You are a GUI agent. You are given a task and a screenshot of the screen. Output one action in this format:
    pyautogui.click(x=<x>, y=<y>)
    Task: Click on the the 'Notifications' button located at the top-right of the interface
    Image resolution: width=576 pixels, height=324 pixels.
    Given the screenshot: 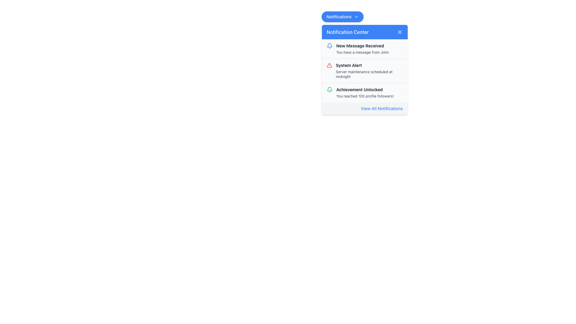 What is the action you would take?
    pyautogui.click(x=343, y=16)
    